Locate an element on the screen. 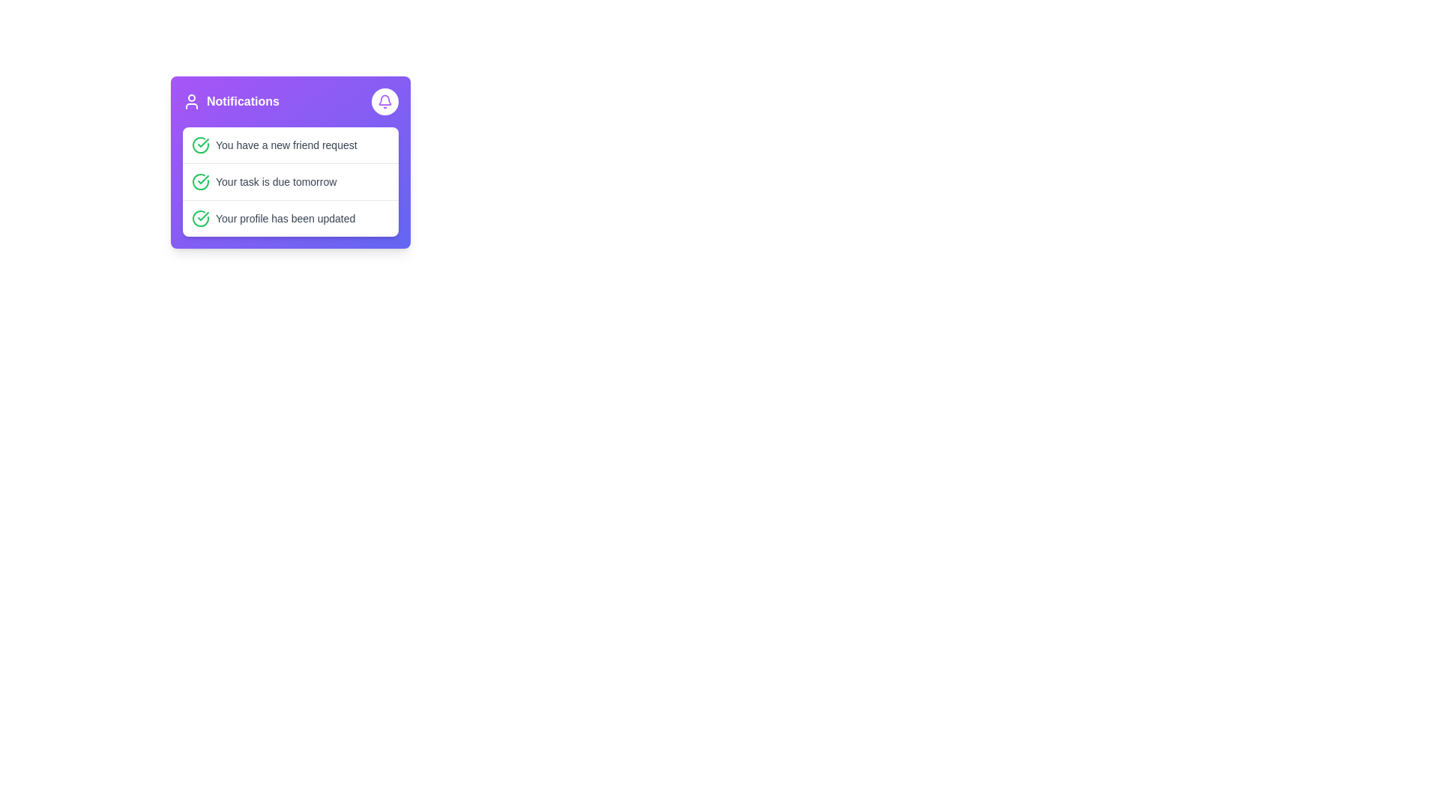 Image resolution: width=1439 pixels, height=809 pixels. the rounded button icon located in the top-right corner of the notification card is located at coordinates (384, 101).